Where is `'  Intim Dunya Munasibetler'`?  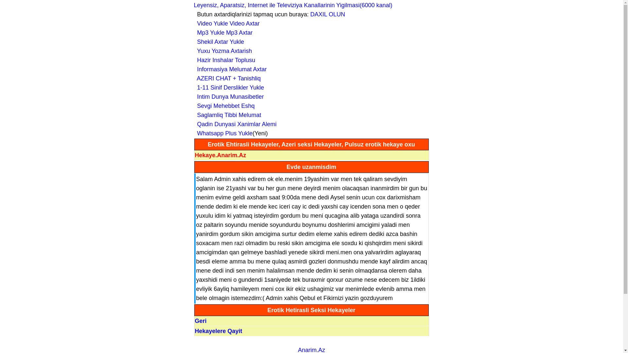
'  Intim Dunya Munasibetler' is located at coordinates (229, 97).